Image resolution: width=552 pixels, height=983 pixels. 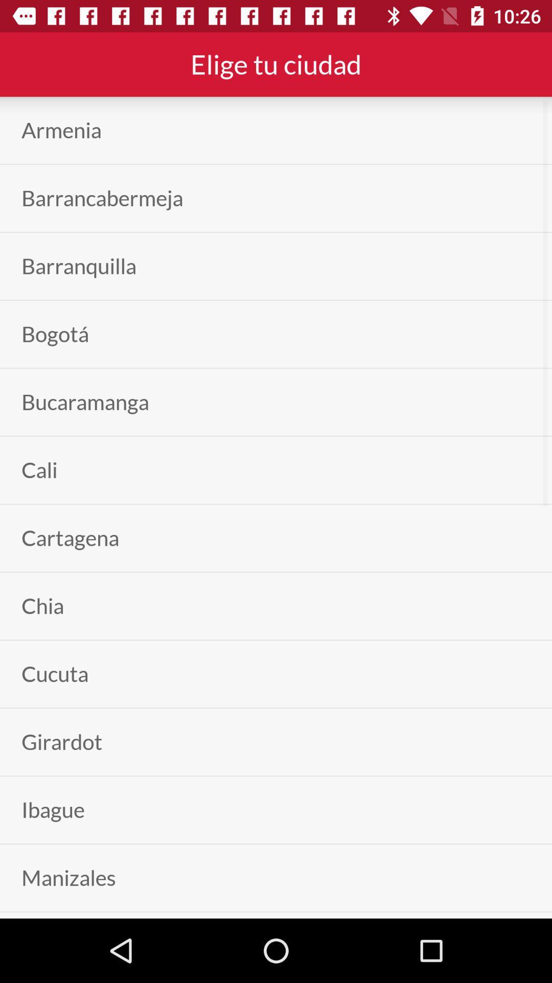 What do you see at coordinates (78, 266) in the screenshot?
I see `the barranquilla item` at bounding box center [78, 266].